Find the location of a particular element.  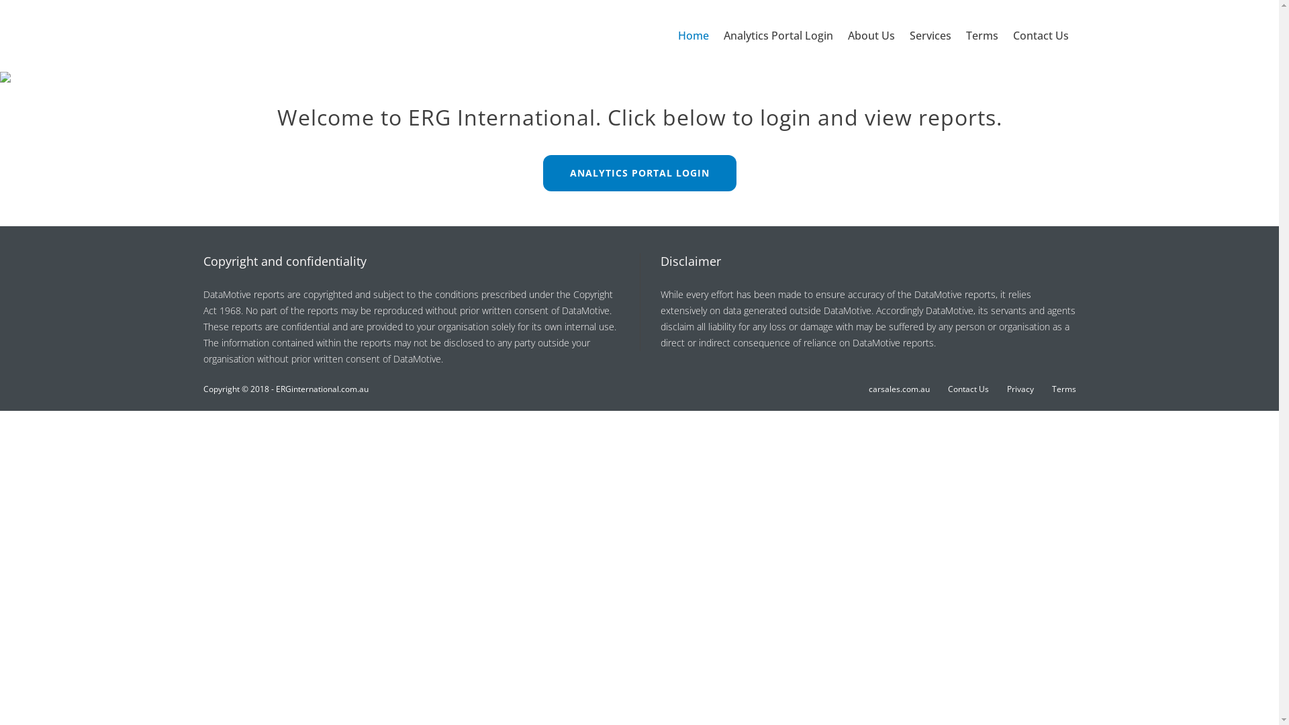

'Terms' is located at coordinates (1063, 389).